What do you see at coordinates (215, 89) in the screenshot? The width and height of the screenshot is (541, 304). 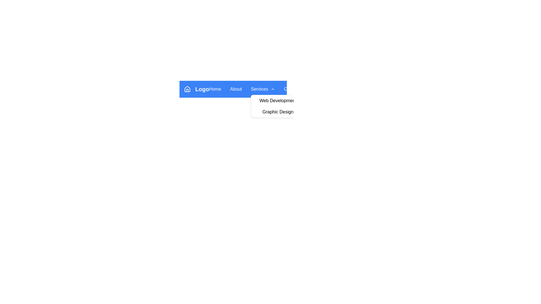 I see `the blue text link labeled 'Home' in the top navigation bar` at bounding box center [215, 89].